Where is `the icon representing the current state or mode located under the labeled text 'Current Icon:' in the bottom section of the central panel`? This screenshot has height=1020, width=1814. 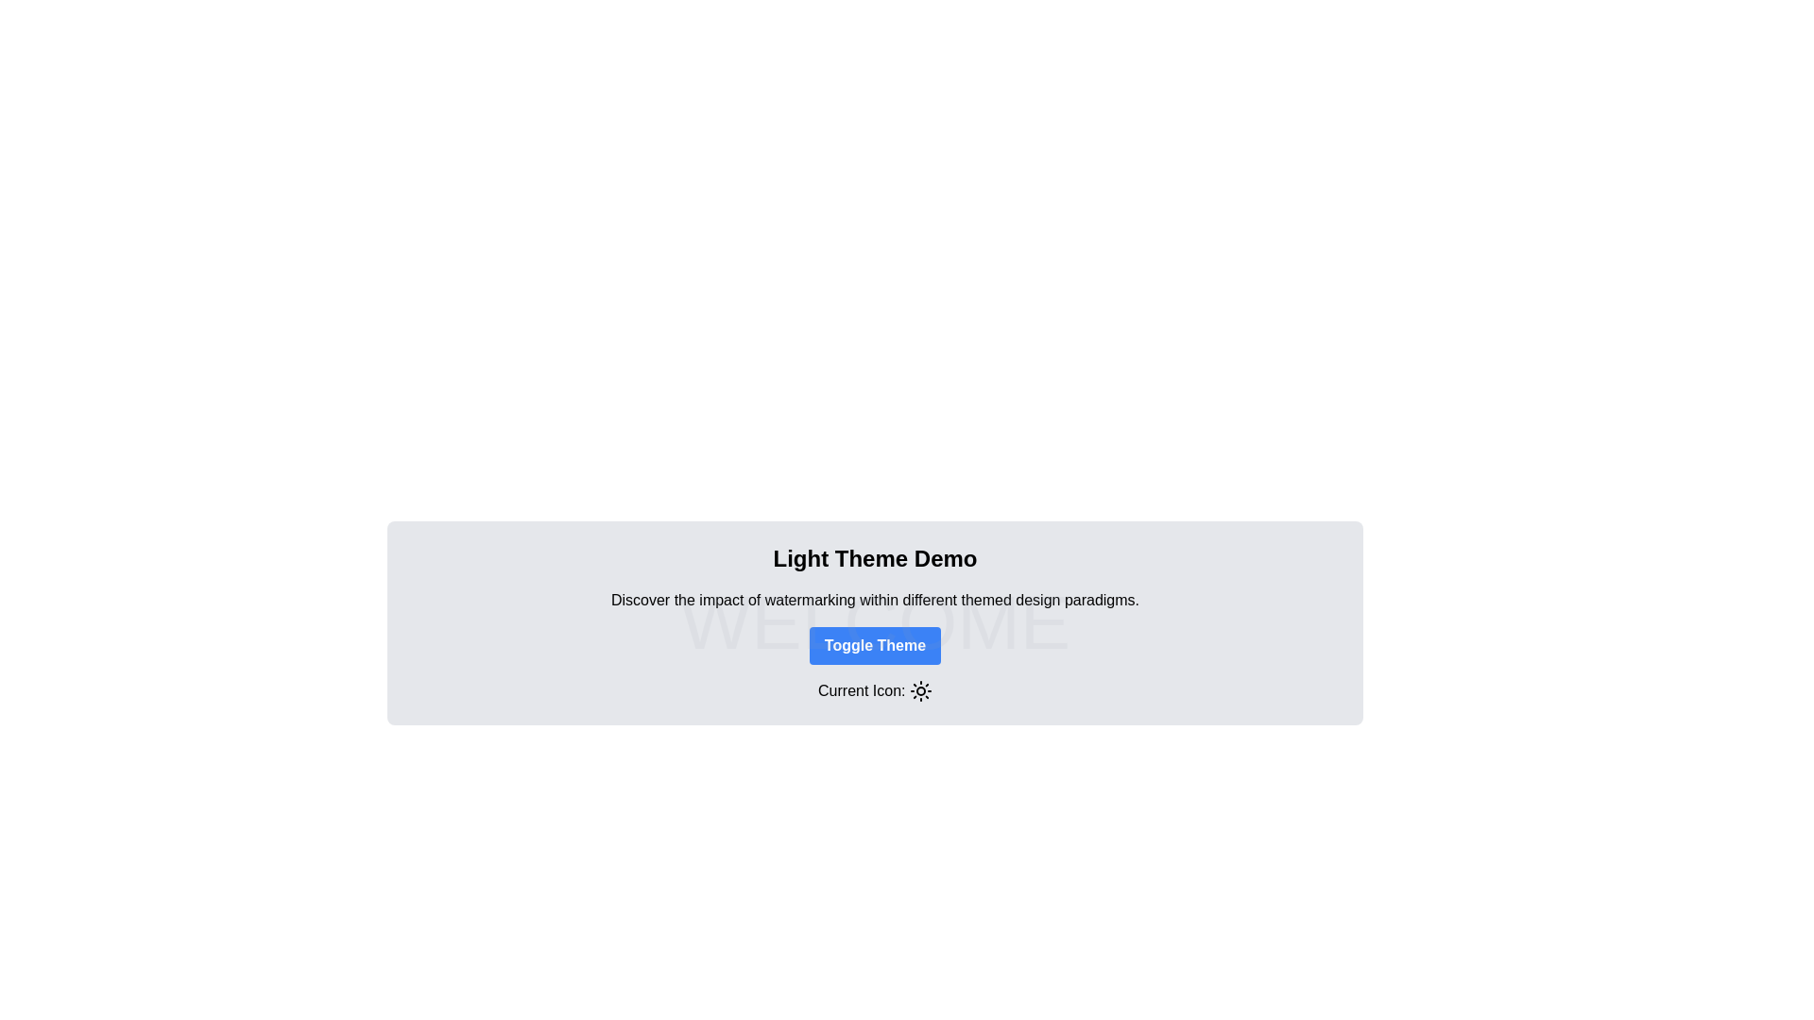 the icon representing the current state or mode located under the labeled text 'Current Icon:' in the bottom section of the central panel is located at coordinates (920, 691).